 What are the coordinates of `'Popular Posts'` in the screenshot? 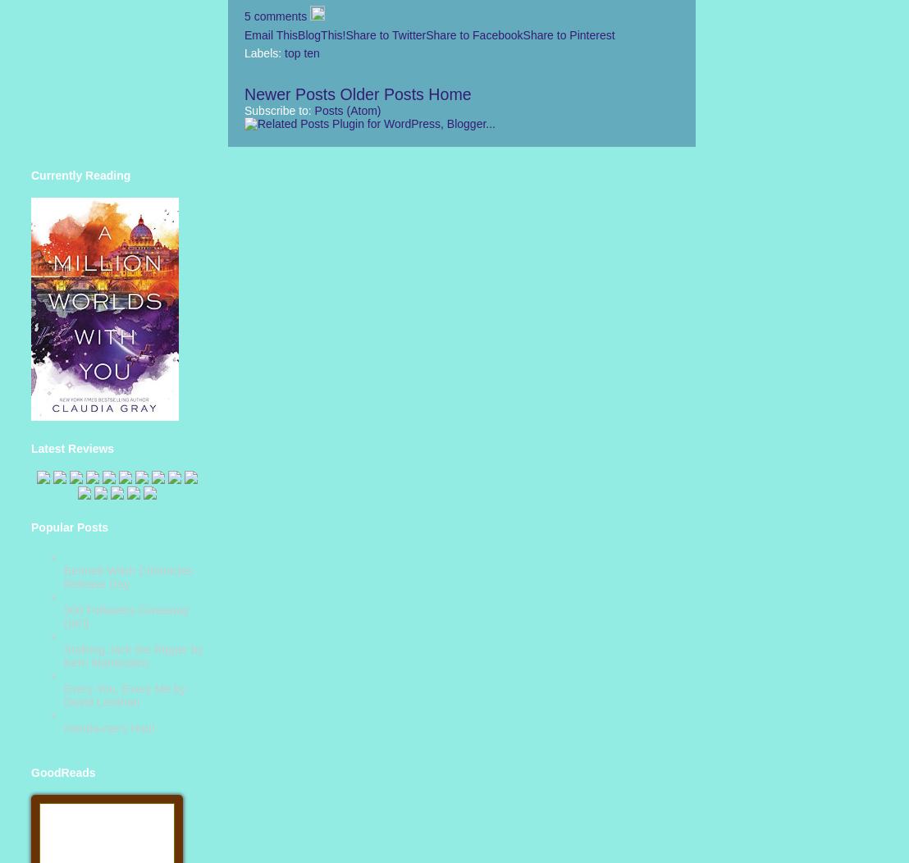 It's located at (31, 527).